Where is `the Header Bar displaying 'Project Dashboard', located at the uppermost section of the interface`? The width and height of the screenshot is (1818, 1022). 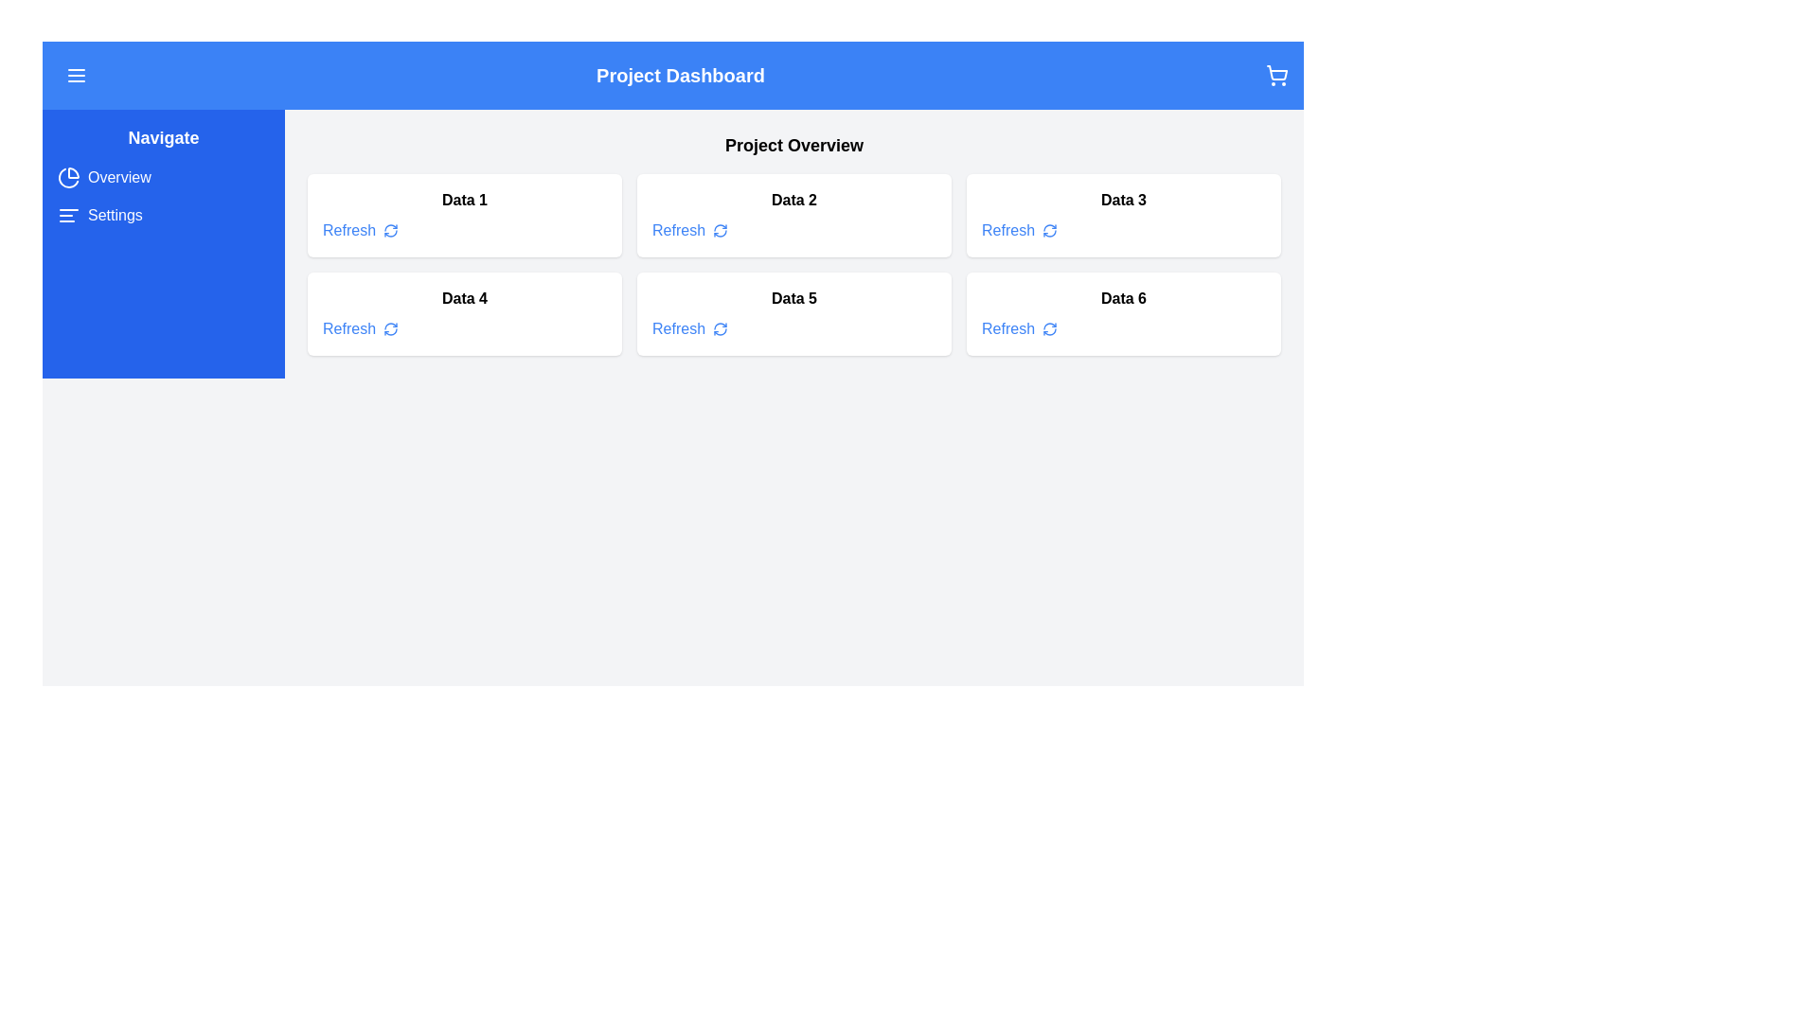 the Header Bar displaying 'Project Dashboard', located at the uppermost section of the interface is located at coordinates (672, 75).